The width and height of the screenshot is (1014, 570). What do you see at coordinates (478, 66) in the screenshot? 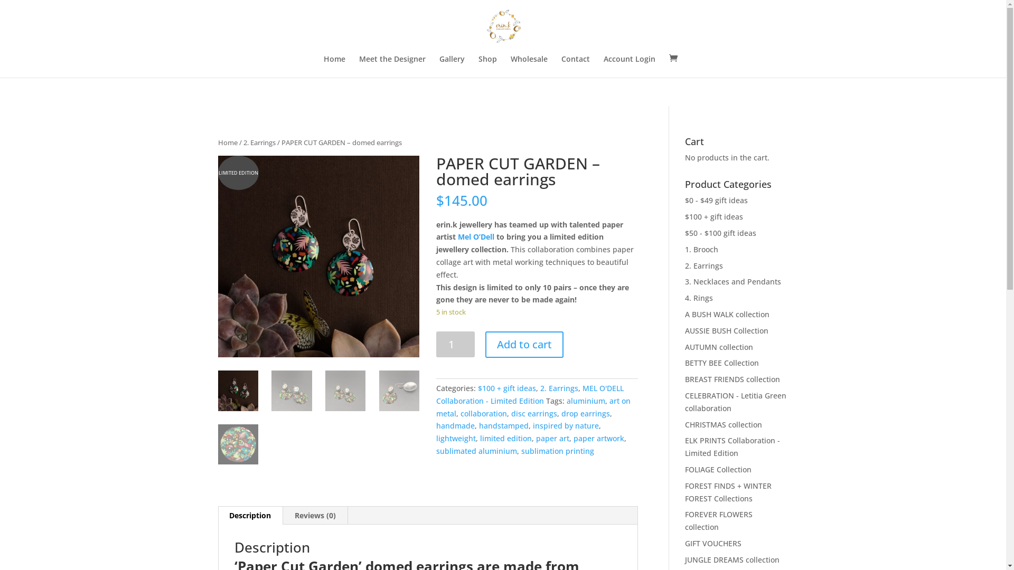
I see `'Shop'` at bounding box center [478, 66].